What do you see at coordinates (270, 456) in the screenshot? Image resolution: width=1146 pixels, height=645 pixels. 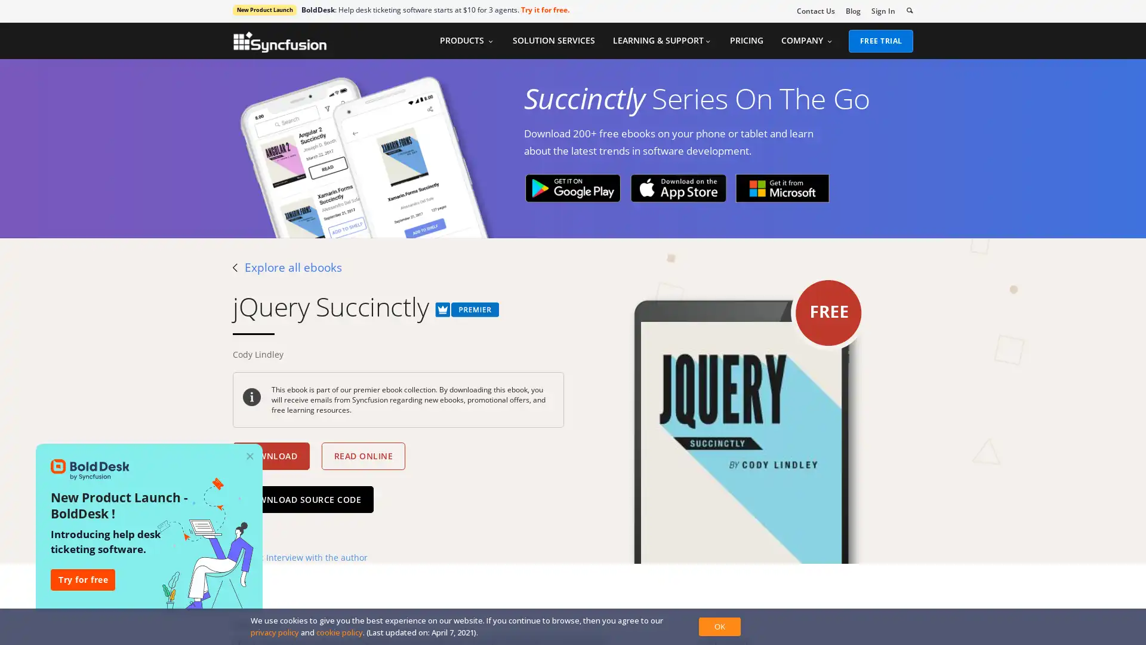 I see `DOWNLOAD` at bounding box center [270, 456].